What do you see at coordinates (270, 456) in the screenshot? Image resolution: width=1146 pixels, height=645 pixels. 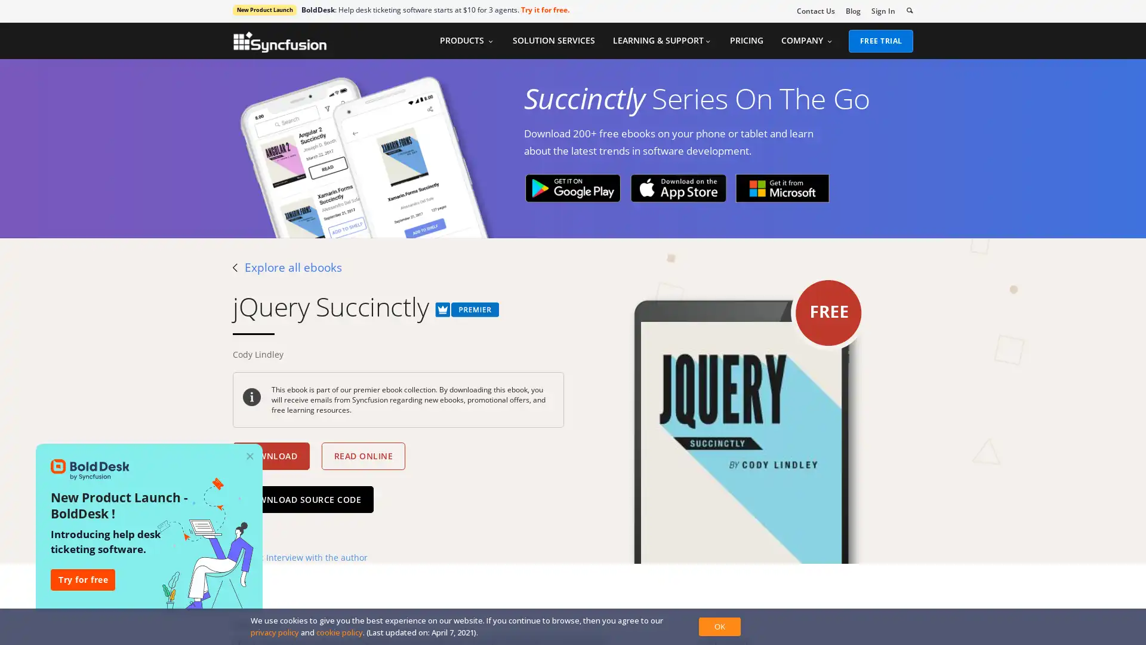 I see `DOWNLOAD` at bounding box center [270, 456].